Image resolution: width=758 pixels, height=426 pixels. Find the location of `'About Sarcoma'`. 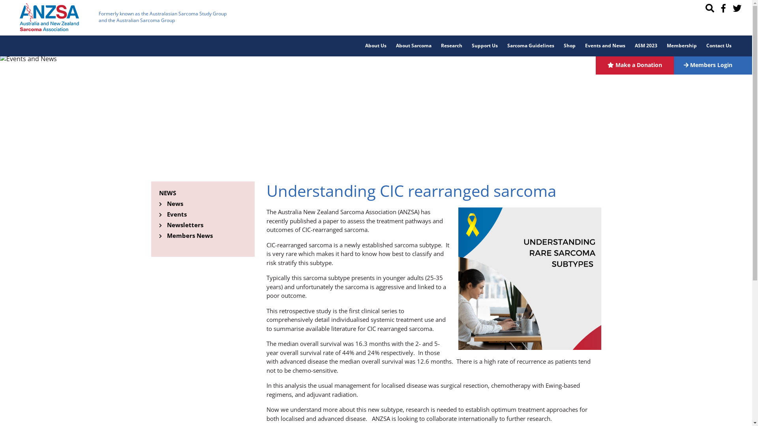

'About Sarcoma' is located at coordinates (413, 46).